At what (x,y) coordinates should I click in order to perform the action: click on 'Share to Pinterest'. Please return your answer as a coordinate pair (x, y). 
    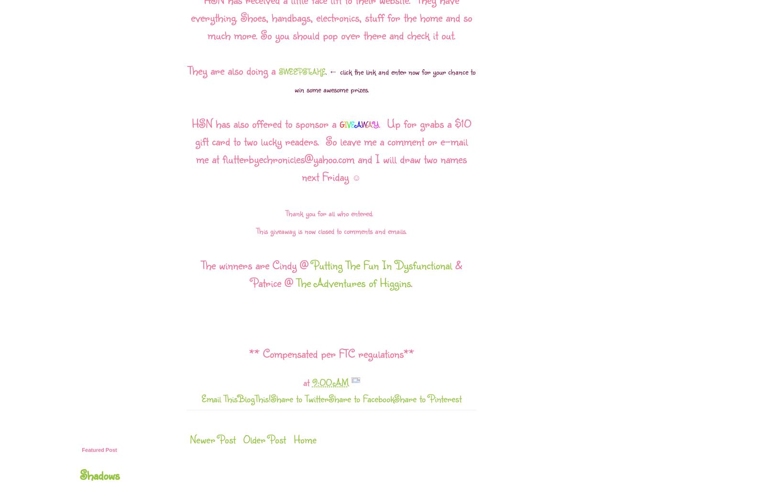
    Looking at the image, I should click on (428, 398).